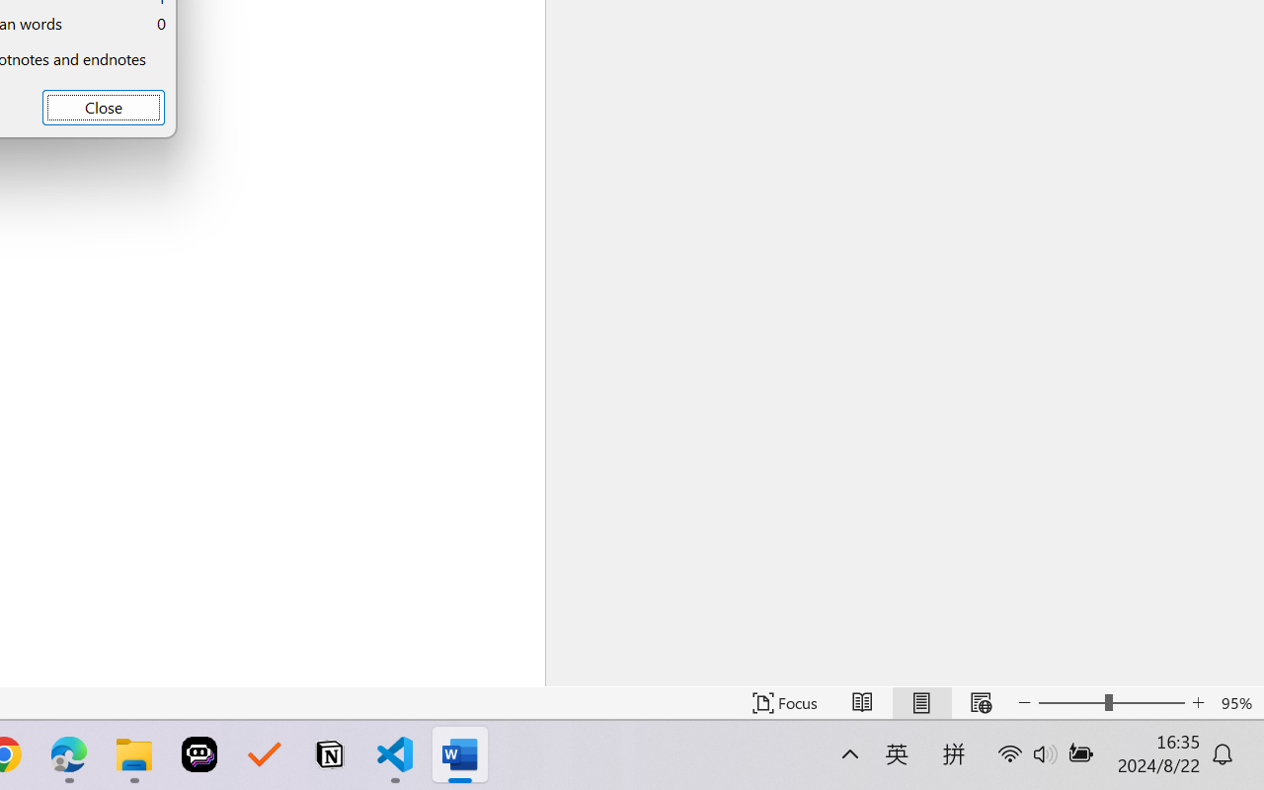 This screenshot has height=790, width=1264. I want to click on 'Zoom 95%', so click(1236, 702).